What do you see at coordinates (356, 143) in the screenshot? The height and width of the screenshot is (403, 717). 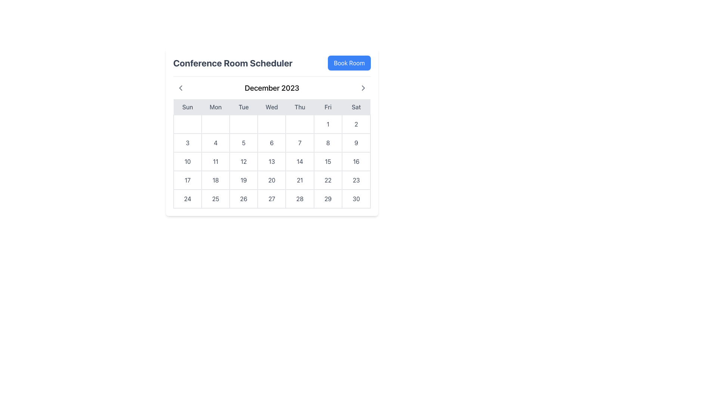 I see `the rounded rectangular button displaying the number '9' in dark gray` at bounding box center [356, 143].